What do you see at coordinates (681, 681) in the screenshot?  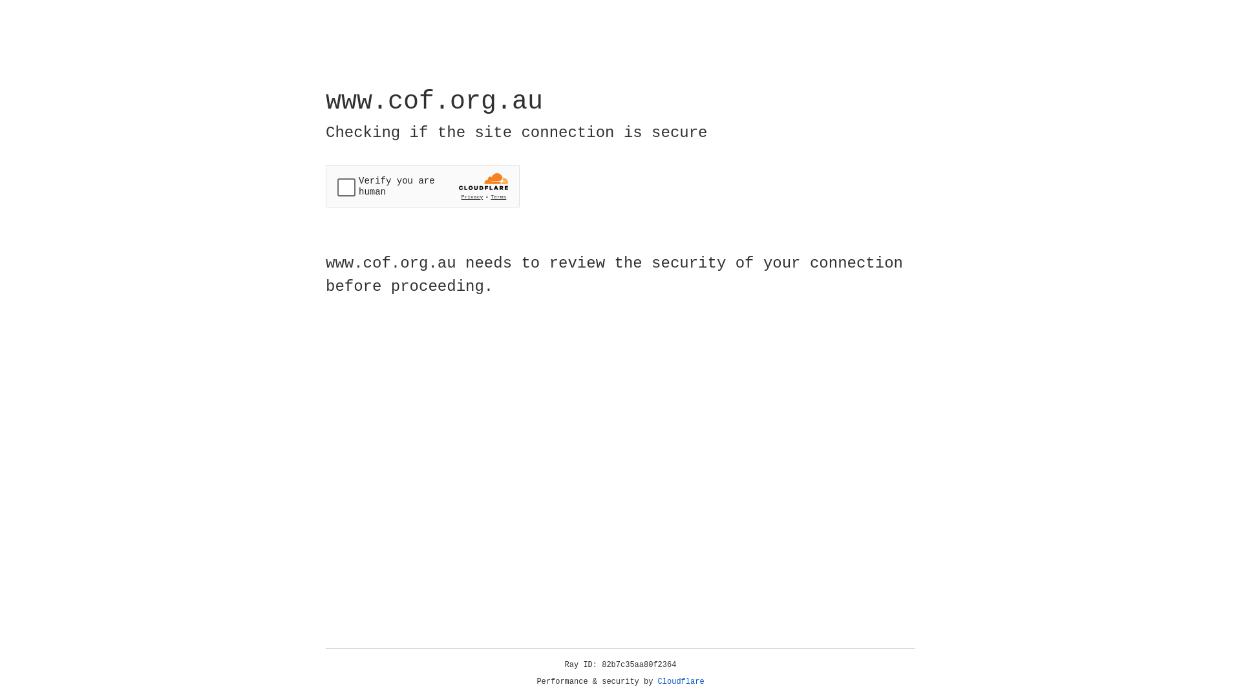 I see `'Cloudflare'` at bounding box center [681, 681].